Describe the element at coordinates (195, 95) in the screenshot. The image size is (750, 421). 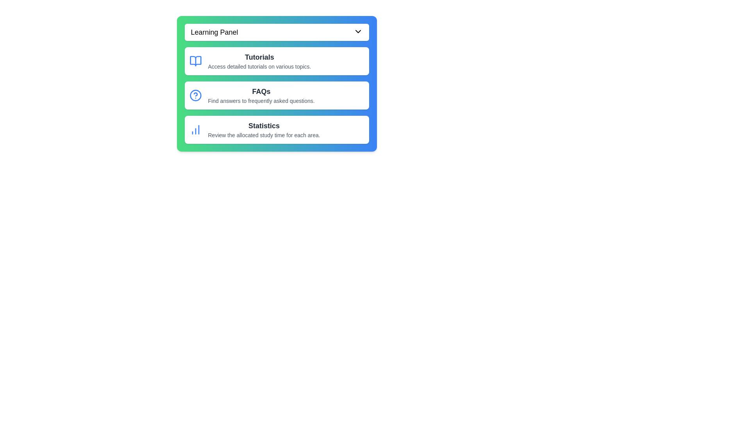
I see `the icon corresponding to FAQs to access its additional actions` at that location.